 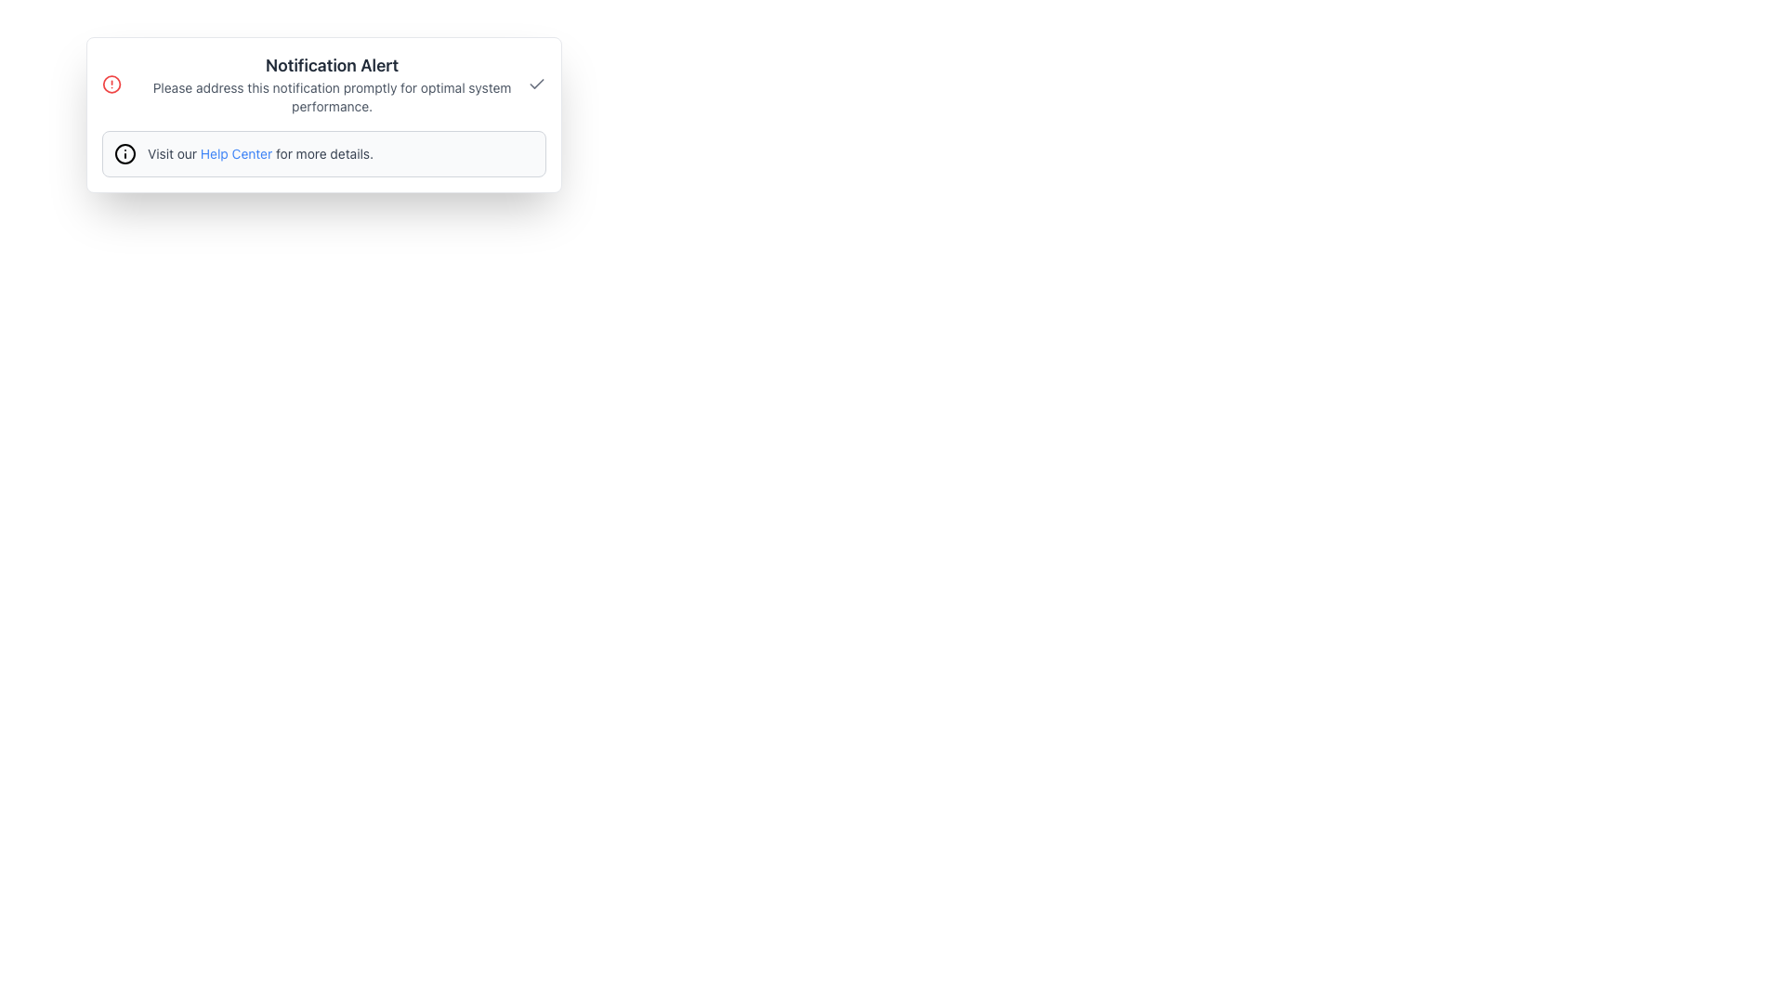 What do you see at coordinates (111, 85) in the screenshot?
I see `the warning icon located on the far left of the notification banner` at bounding box center [111, 85].